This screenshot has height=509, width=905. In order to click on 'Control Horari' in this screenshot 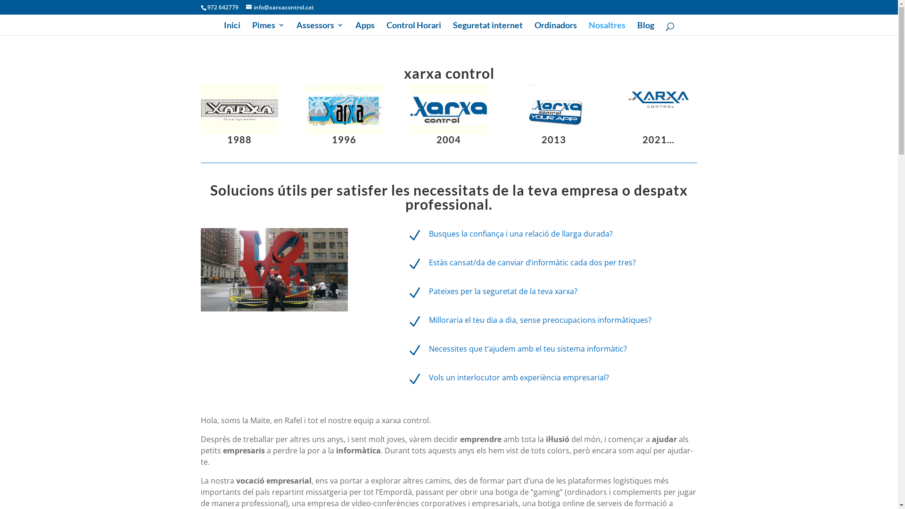, I will do `click(414, 28)`.